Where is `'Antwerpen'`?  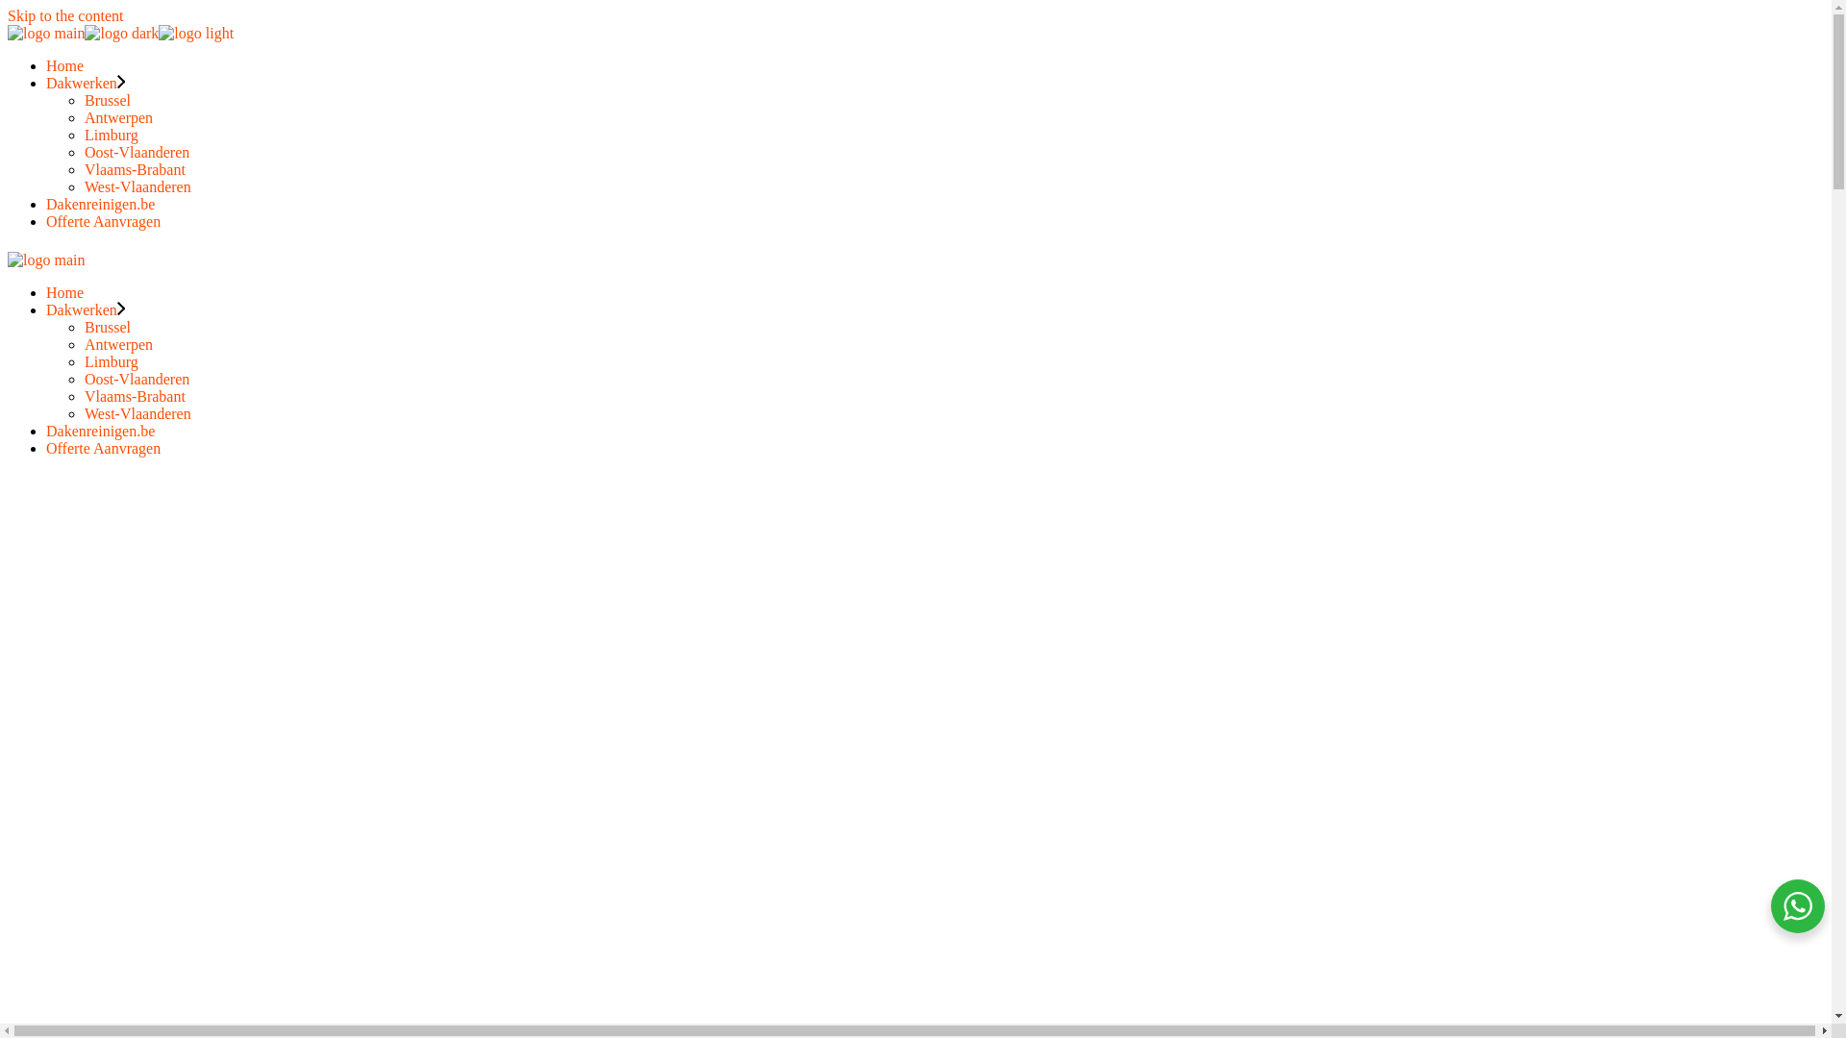 'Antwerpen' is located at coordinates (83, 343).